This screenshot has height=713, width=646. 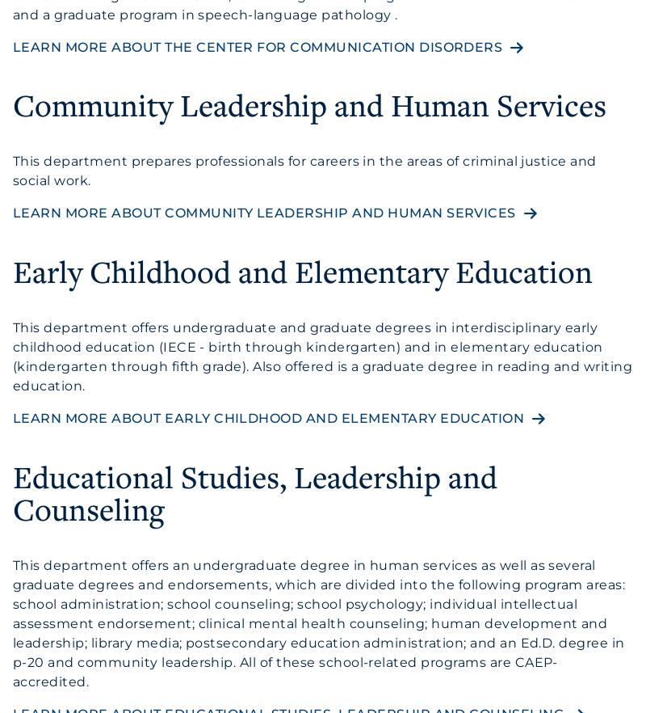 I want to click on 'Early Childhood and Elementary Education', so click(x=302, y=270).